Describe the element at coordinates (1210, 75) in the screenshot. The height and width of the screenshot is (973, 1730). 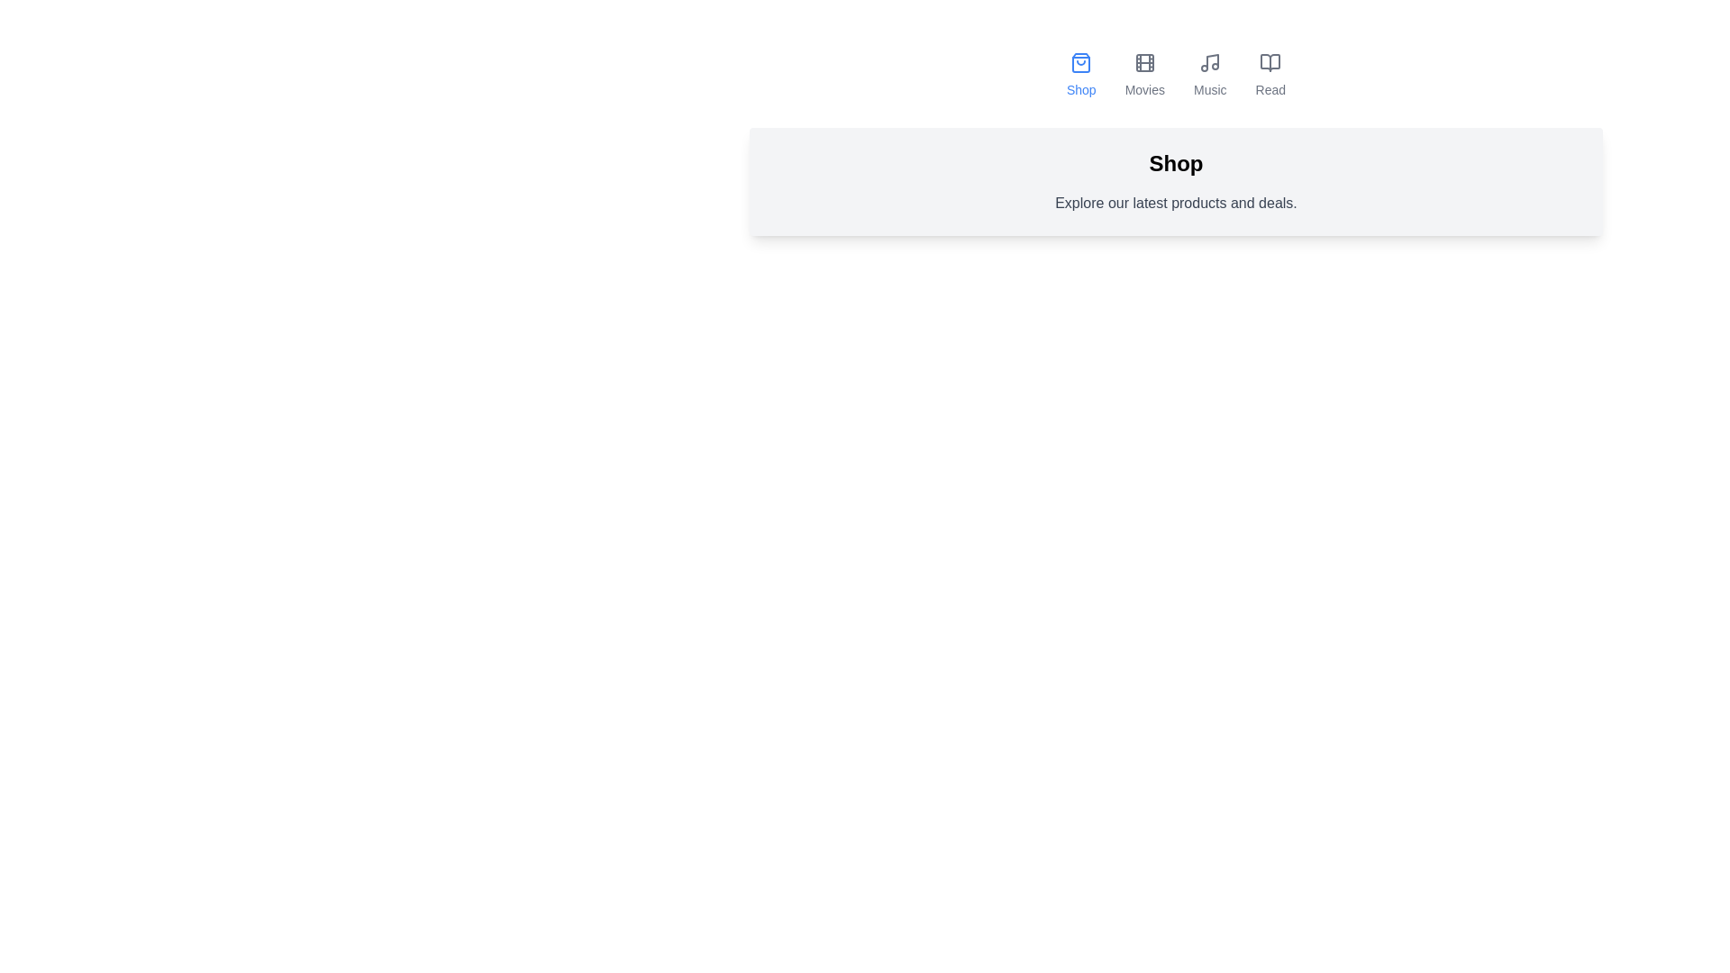
I see `the tab labeled Music` at that location.